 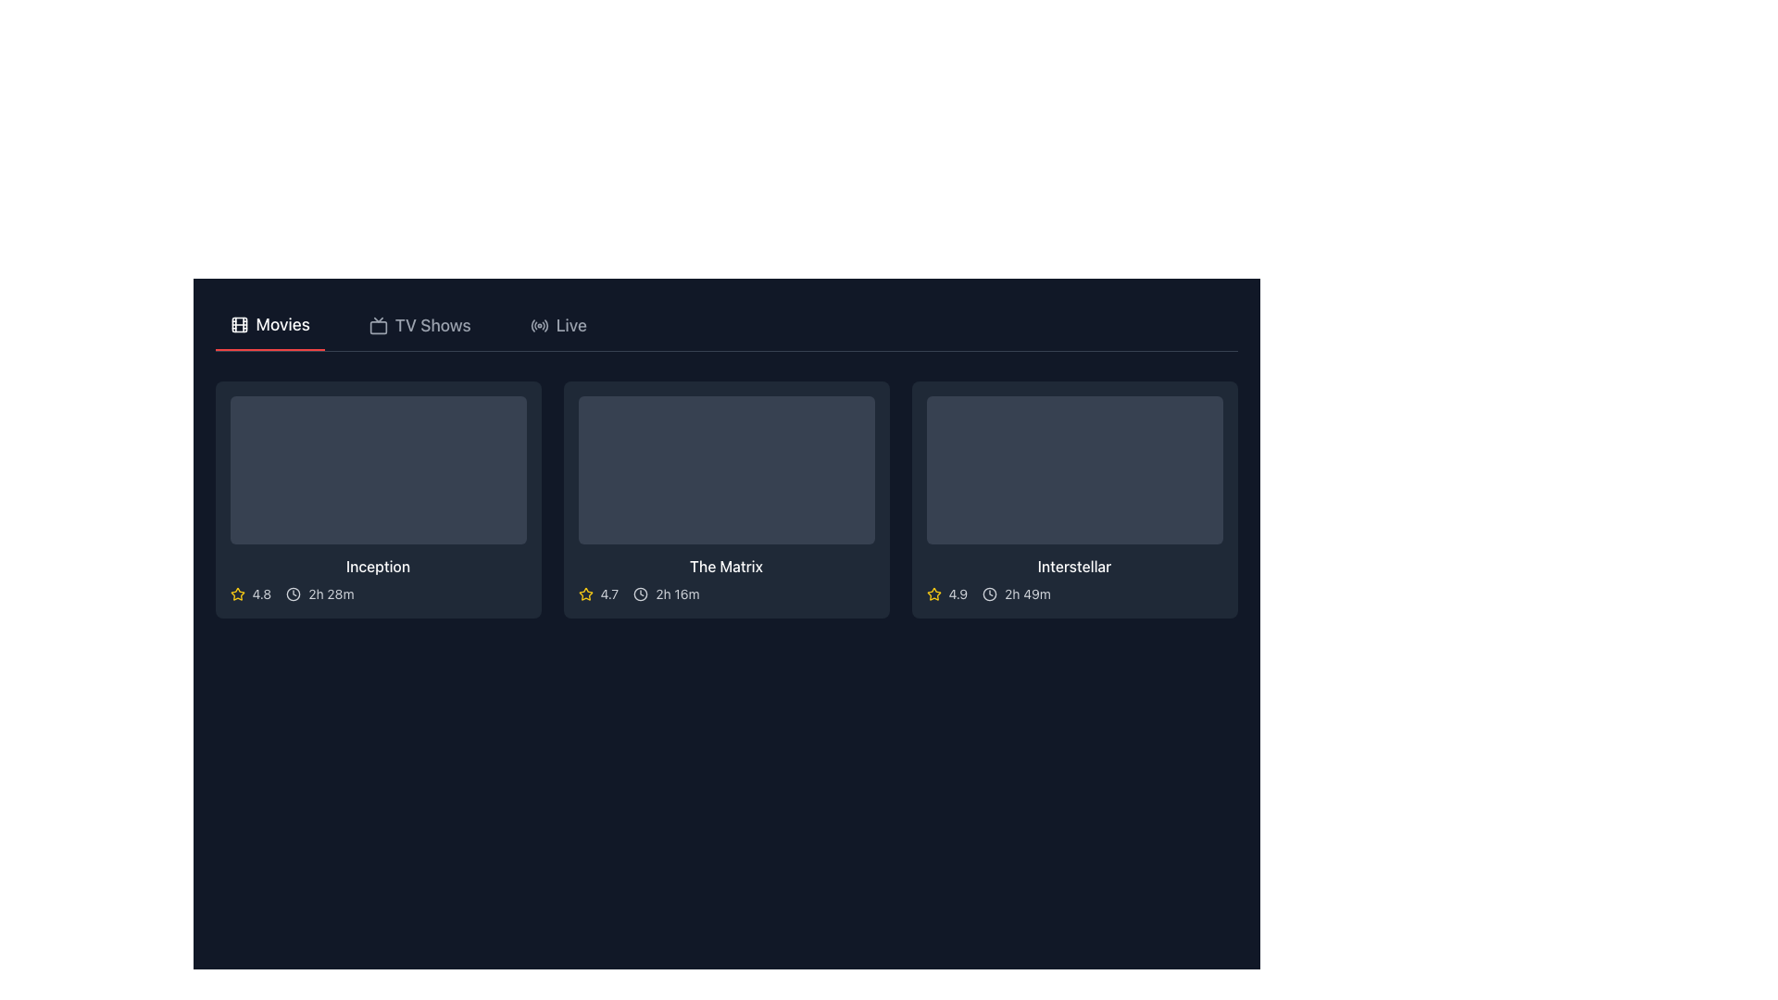 I want to click on the 'TV Shows' button, which is part of a horizontal navigation bar and located between the 'Movies' and 'Live' buttons, so click(x=419, y=324).